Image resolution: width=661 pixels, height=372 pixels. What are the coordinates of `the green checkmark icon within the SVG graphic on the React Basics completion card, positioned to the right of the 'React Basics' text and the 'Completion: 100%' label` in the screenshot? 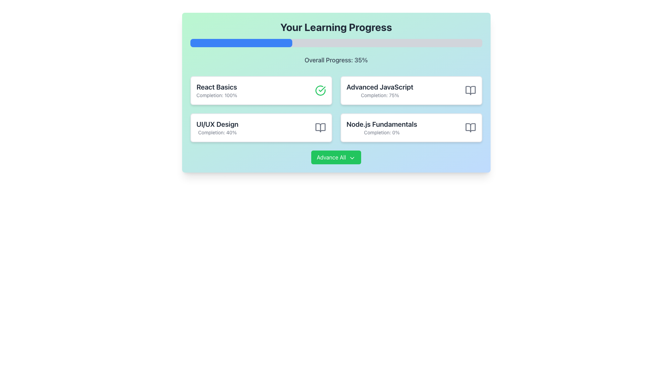 It's located at (322, 89).